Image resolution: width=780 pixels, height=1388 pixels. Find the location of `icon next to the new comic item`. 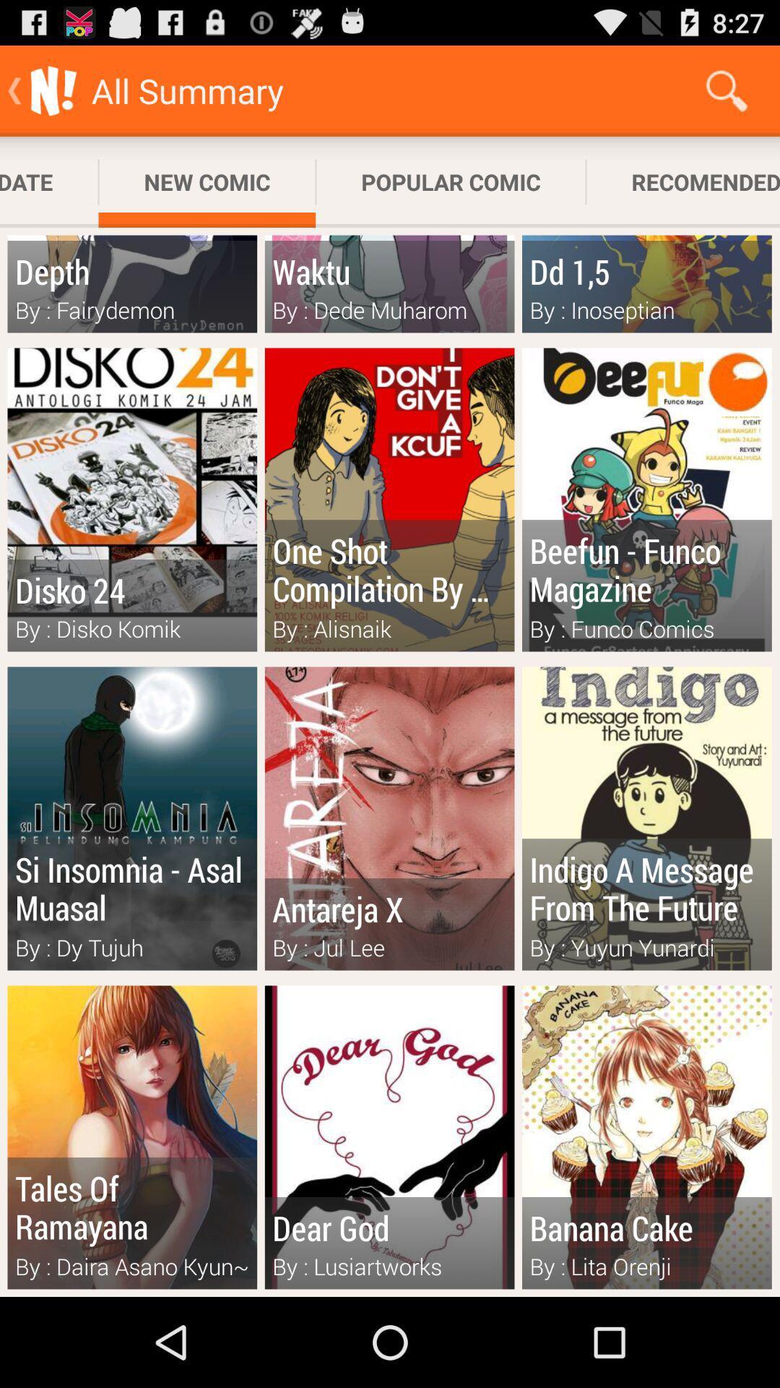

icon next to the new comic item is located at coordinates (48, 181).